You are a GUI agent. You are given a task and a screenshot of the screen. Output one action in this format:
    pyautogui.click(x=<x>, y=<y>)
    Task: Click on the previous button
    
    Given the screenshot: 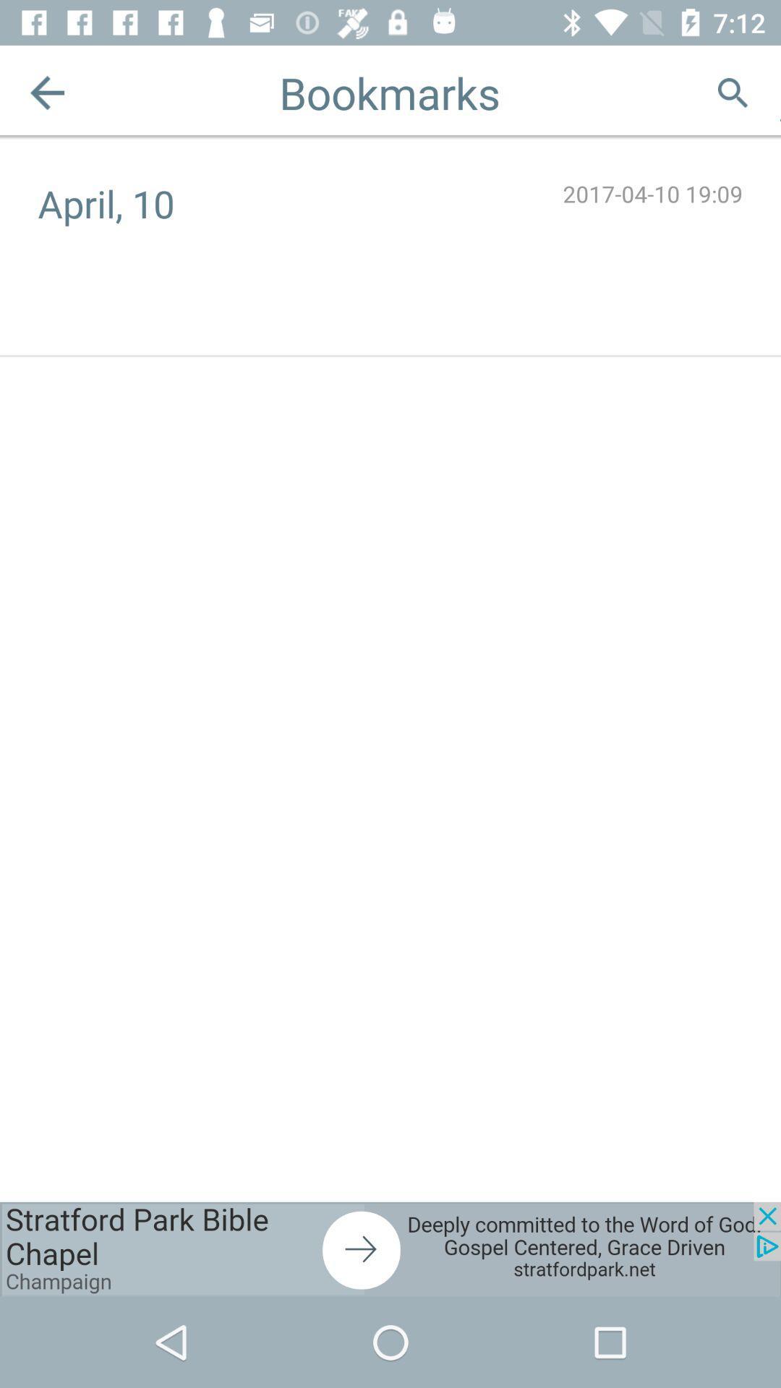 What is the action you would take?
    pyautogui.click(x=46, y=92)
    